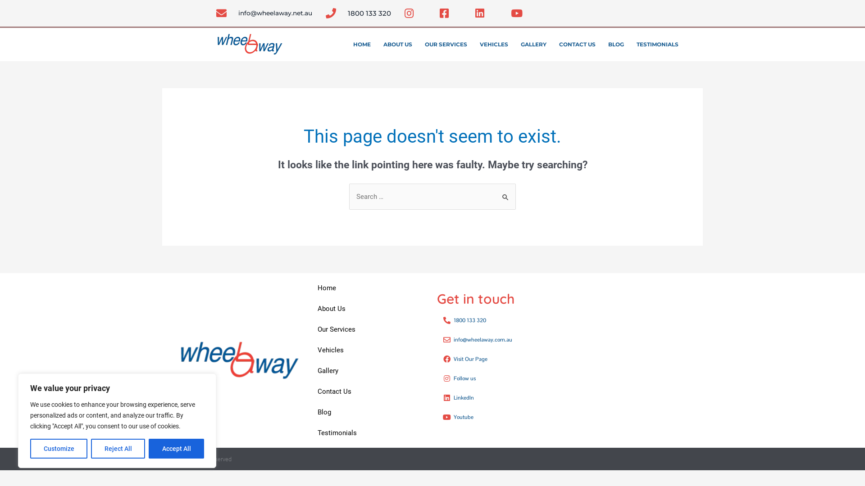 The image size is (865, 486). I want to click on 'LinkedIn', so click(499, 397).